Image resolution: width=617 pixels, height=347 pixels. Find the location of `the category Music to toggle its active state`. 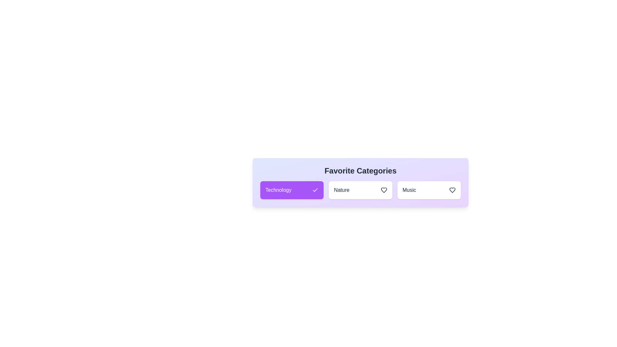

the category Music to toggle its active state is located at coordinates (429, 190).